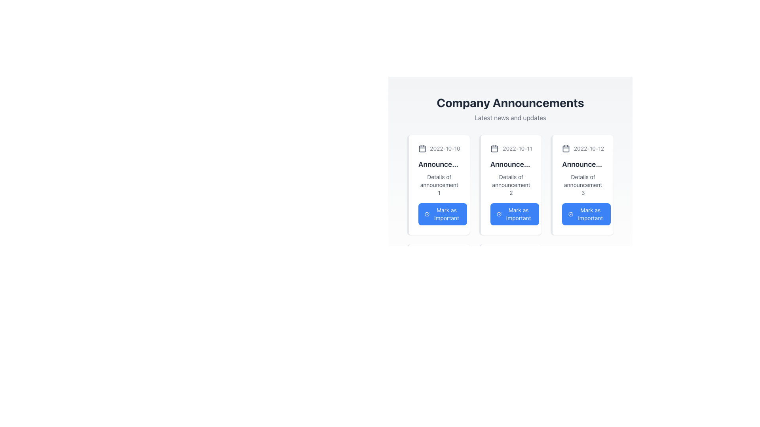 Image resolution: width=760 pixels, height=427 pixels. What do you see at coordinates (566, 149) in the screenshot?
I see `the clickable area of the calendar icon located at the top-left corner of the card displaying '2022-10-12'` at bounding box center [566, 149].